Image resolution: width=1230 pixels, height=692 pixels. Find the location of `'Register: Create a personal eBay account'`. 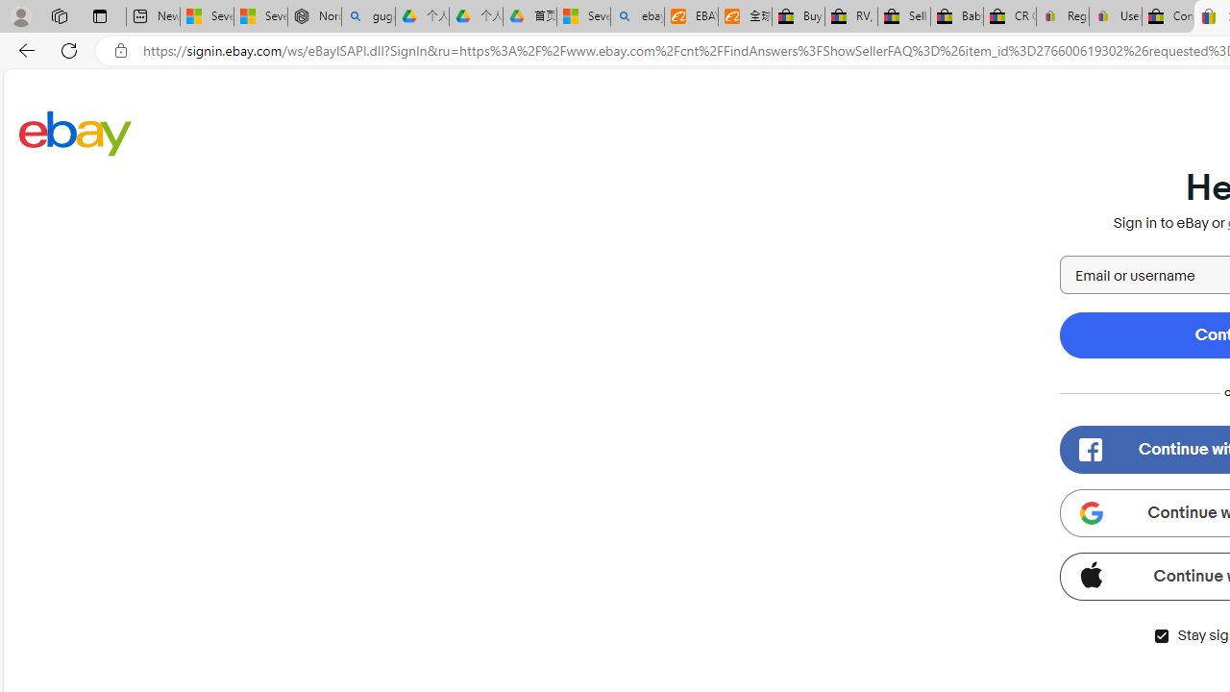

'Register: Create a personal eBay account' is located at coordinates (1061, 16).